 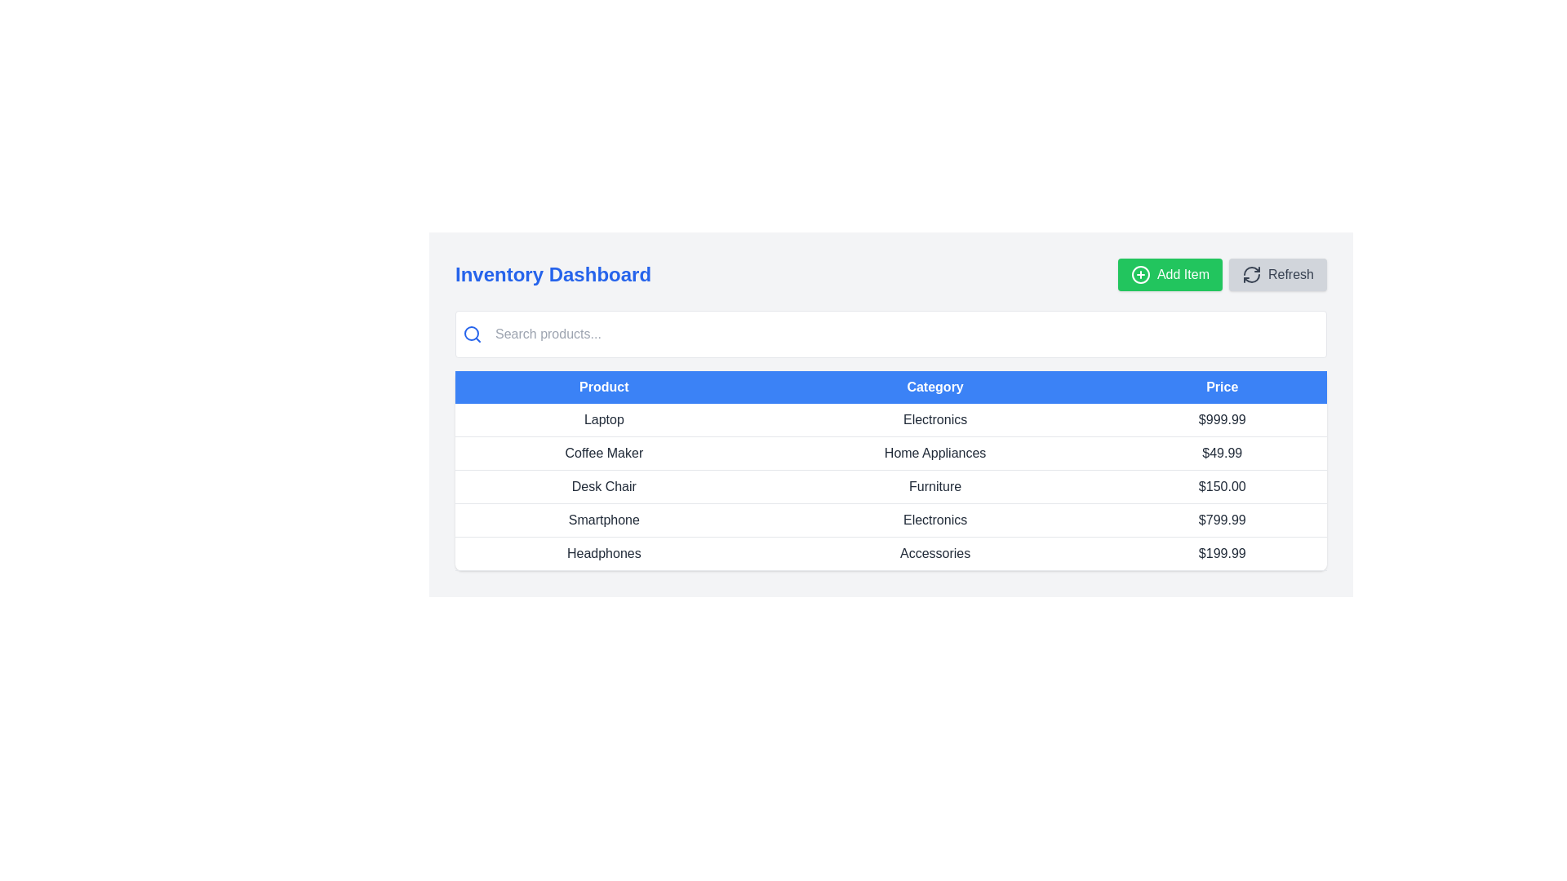 I want to click on the static text label 'Smartphone' located in the 'Product' column of the fourth row in the table, so click(x=603, y=520).